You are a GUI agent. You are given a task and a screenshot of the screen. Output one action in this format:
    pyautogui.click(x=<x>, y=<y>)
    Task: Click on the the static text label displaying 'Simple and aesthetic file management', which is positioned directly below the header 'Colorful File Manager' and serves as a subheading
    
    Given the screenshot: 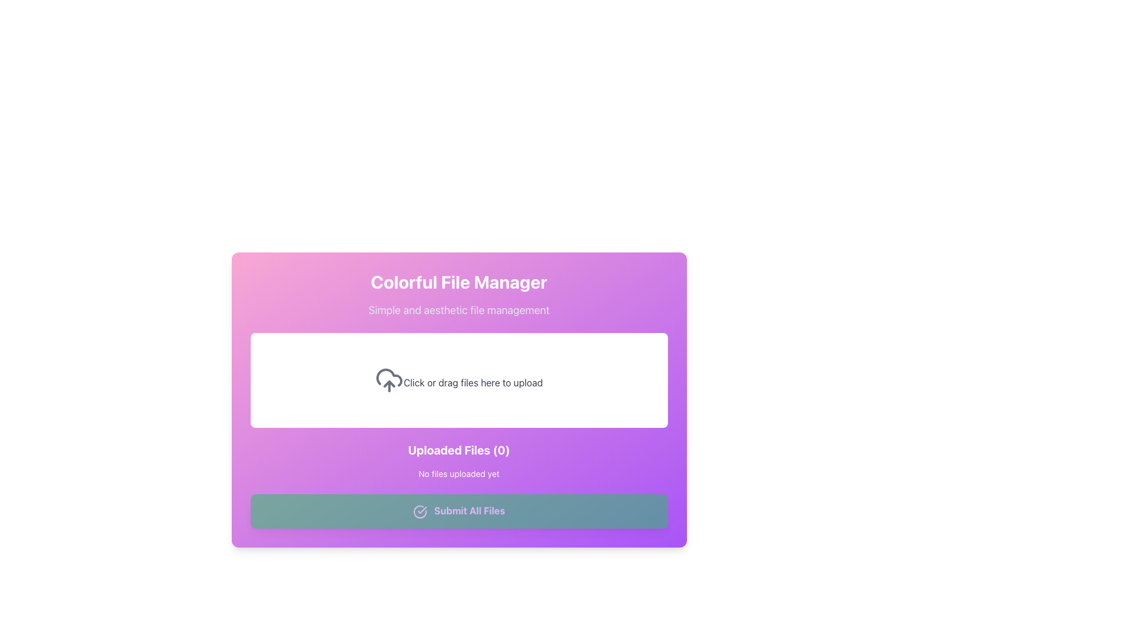 What is the action you would take?
    pyautogui.click(x=458, y=310)
    